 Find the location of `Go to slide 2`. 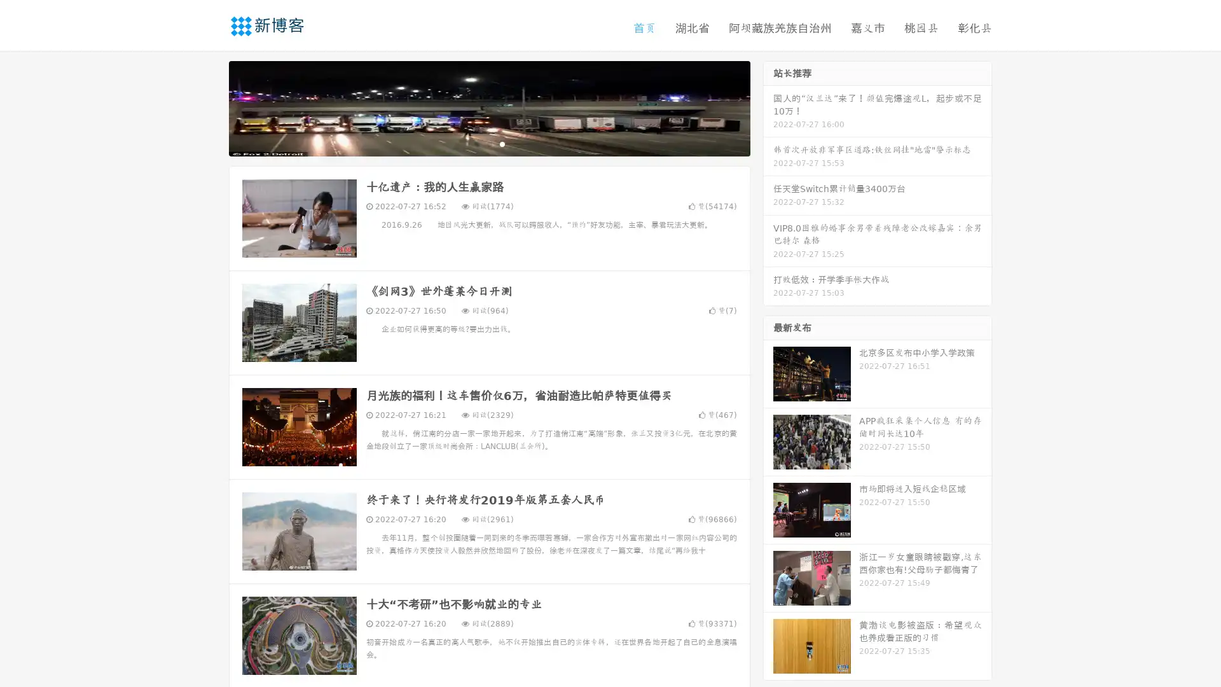

Go to slide 2 is located at coordinates (488, 143).